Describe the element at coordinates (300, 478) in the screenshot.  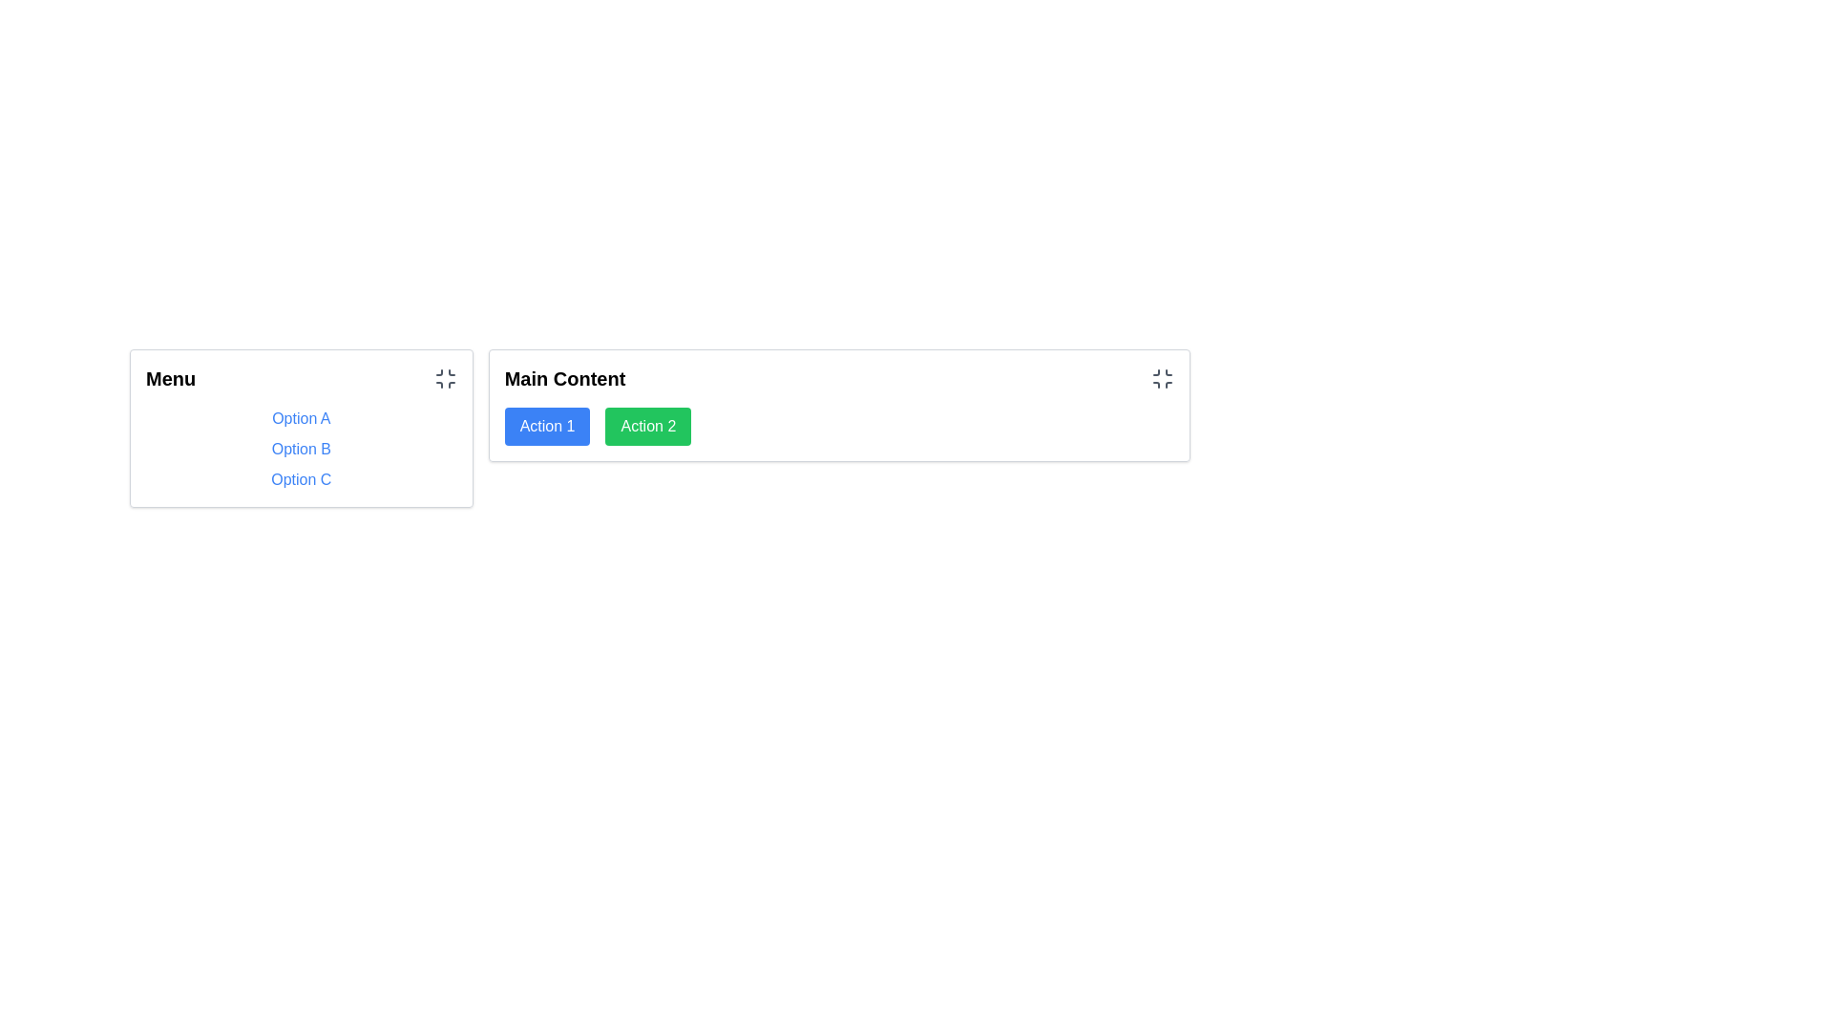
I see `the non-interactive text label 'Option C' in the Menu section, which is the last item in a vertical list` at that location.